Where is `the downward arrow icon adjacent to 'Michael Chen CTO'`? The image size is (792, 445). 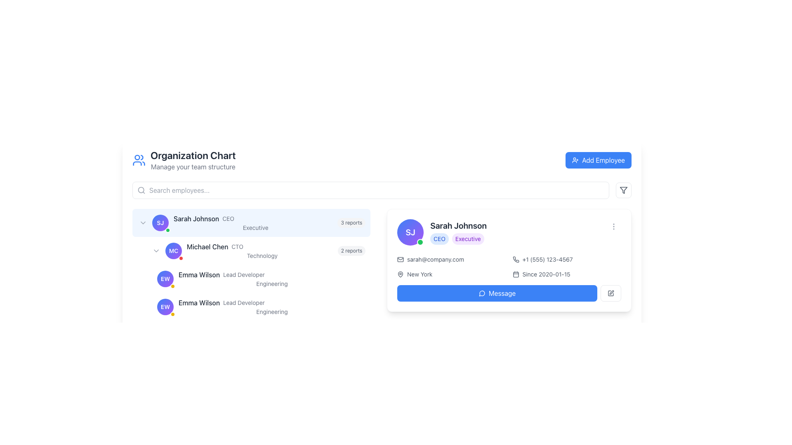
the downward arrow icon adjacent to 'Michael Chen CTO' is located at coordinates (156, 251).